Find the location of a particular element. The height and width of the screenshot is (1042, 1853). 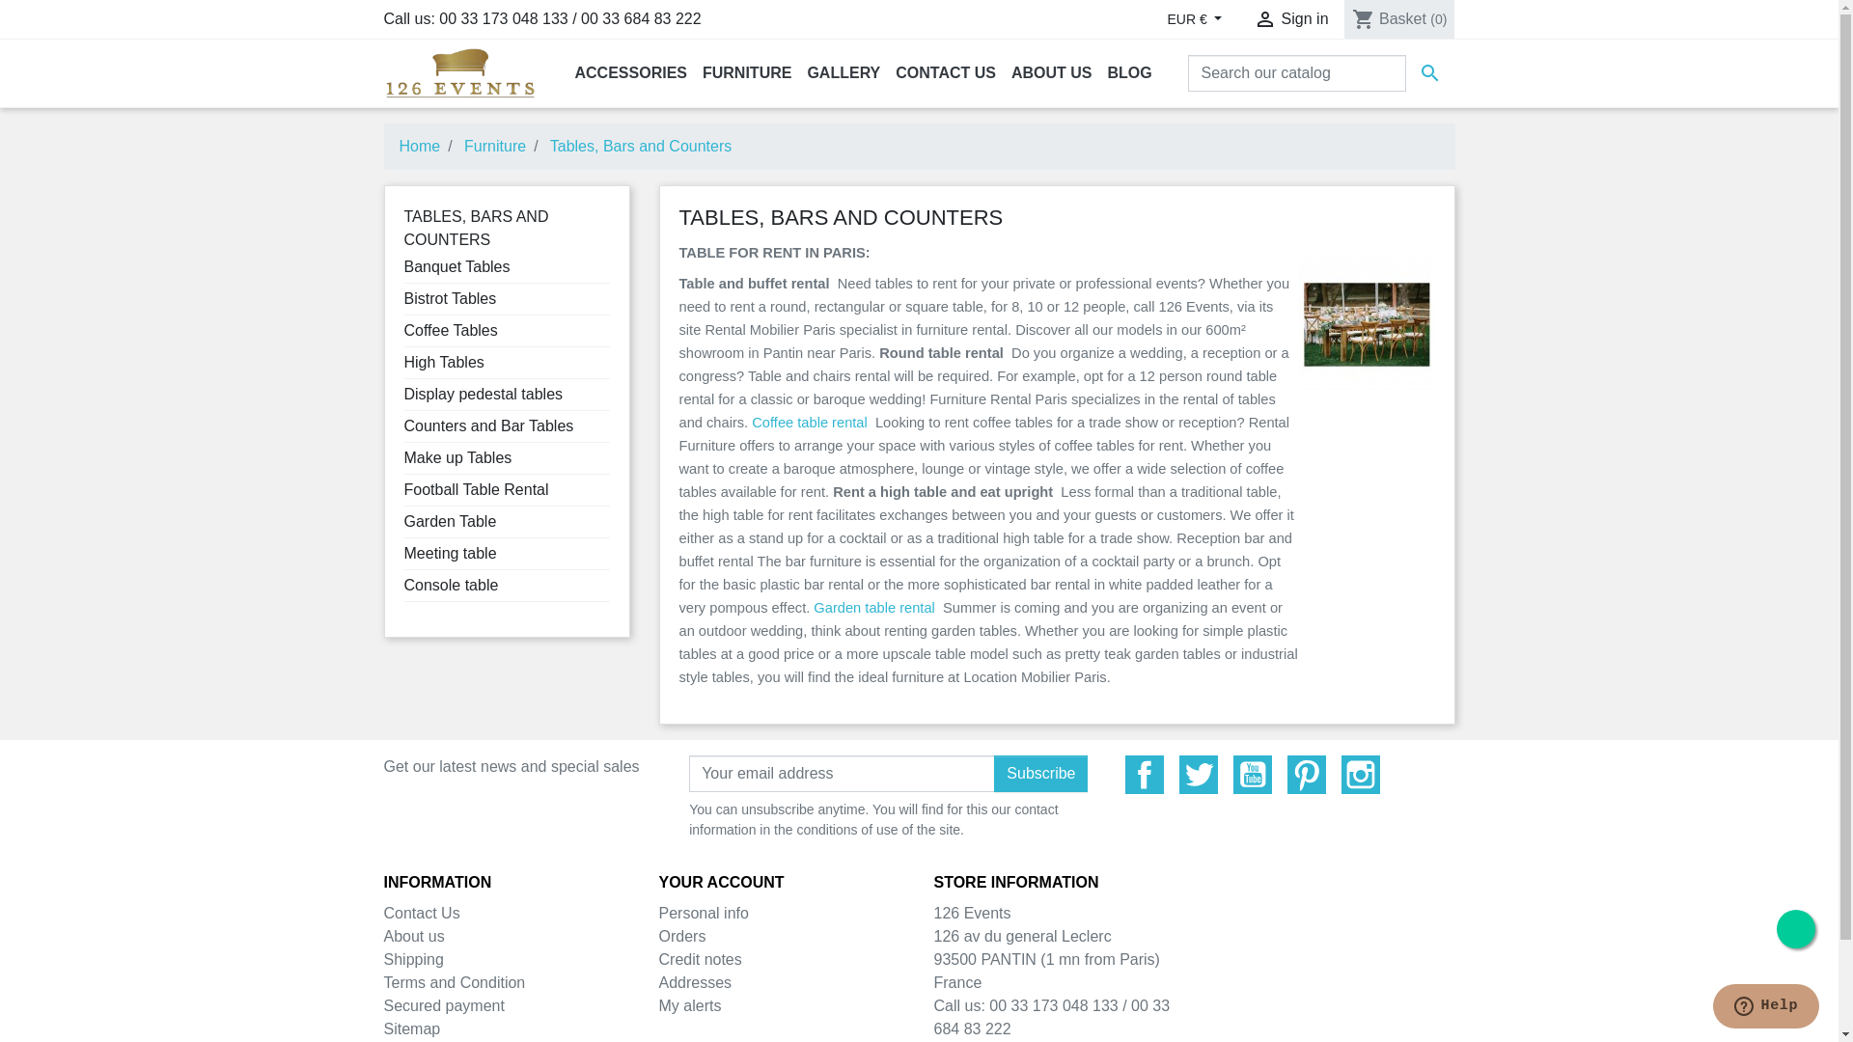

'Credit notes' is located at coordinates (657, 959).